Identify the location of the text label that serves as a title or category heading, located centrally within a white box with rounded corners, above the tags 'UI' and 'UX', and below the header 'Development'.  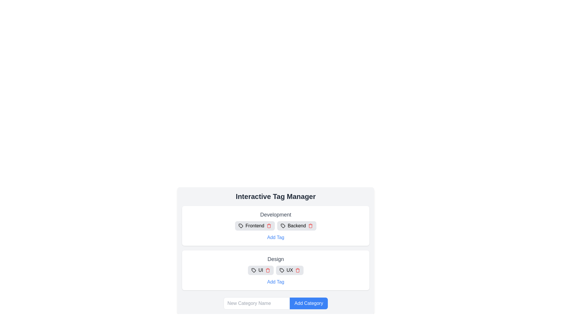
(275, 259).